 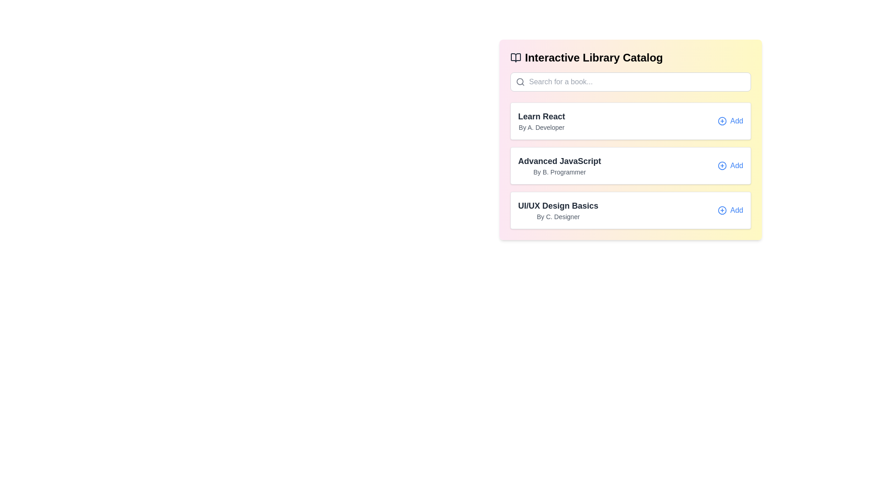 What do you see at coordinates (721, 165) in the screenshot?
I see `the blue circular icon with a plus sign located to the right of the 'Advanced JavaScript' text label` at bounding box center [721, 165].